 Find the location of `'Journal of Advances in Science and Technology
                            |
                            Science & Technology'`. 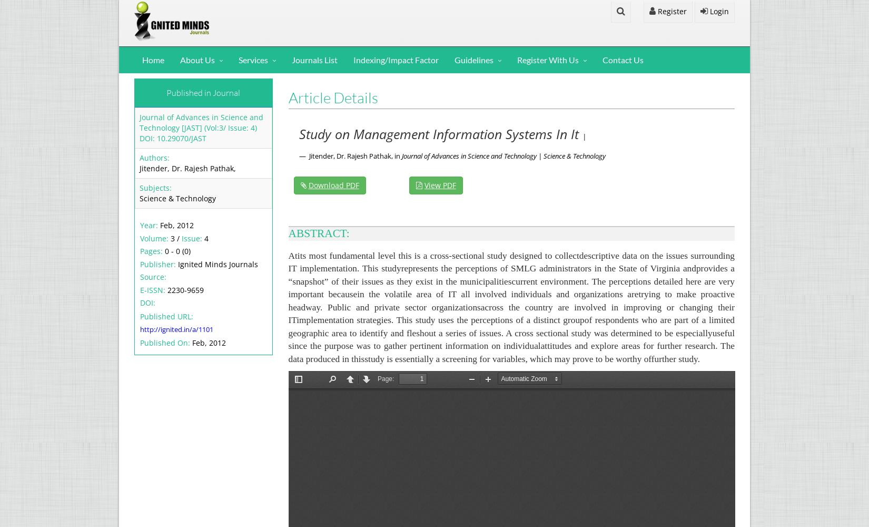

'Journal of Advances in Science and Technology
                            |
                            Science & Technology' is located at coordinates (400, 155).